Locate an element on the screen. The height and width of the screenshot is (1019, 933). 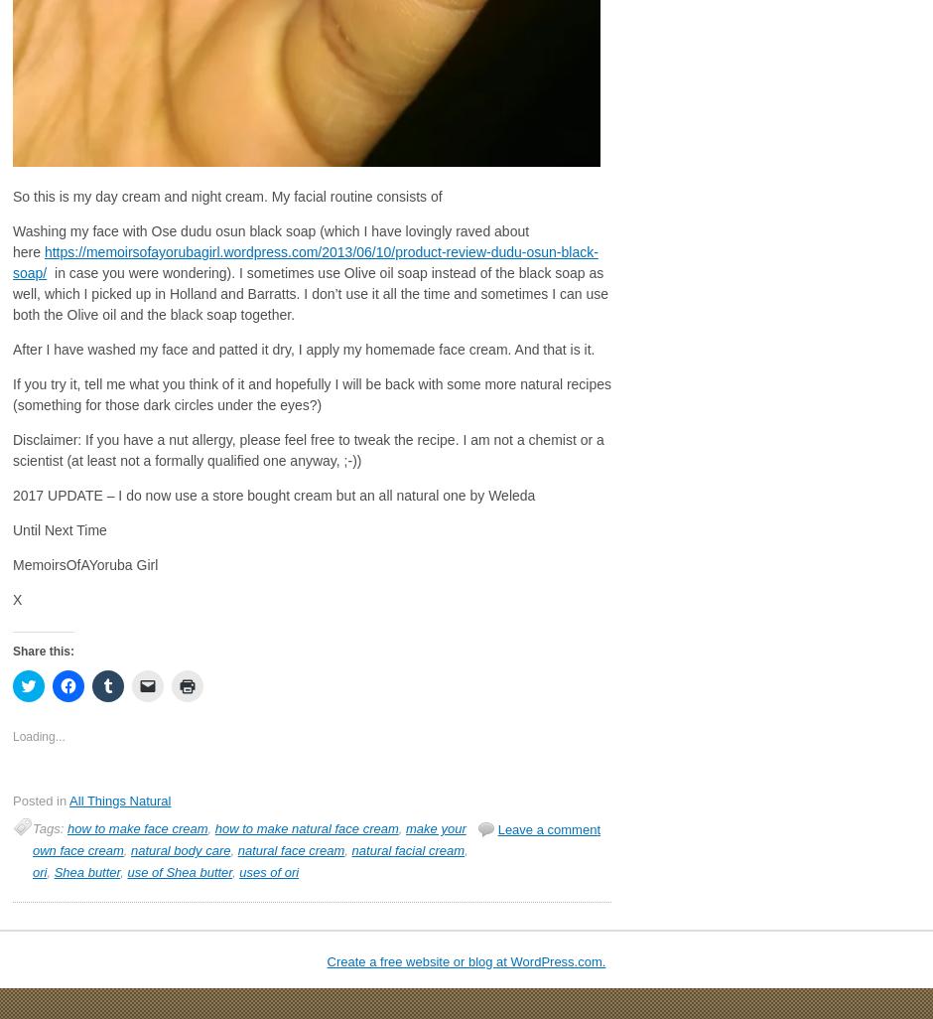
'Tags:' is located at coordinates (49, 828).